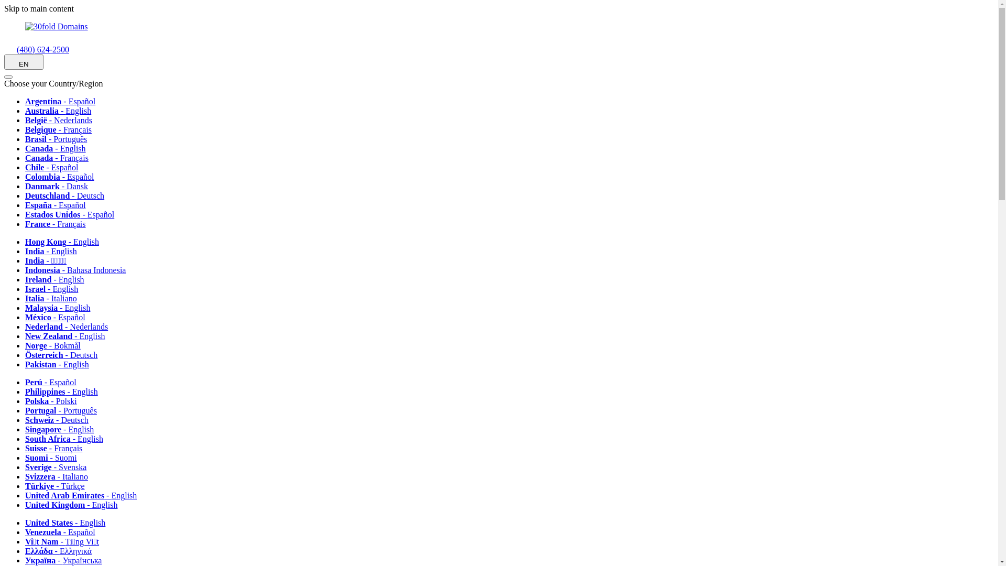  What do you see at coordinates (37, 49) in the screenshot?
I see `'(480) 624-2500'` at bounding box center [37, 49].